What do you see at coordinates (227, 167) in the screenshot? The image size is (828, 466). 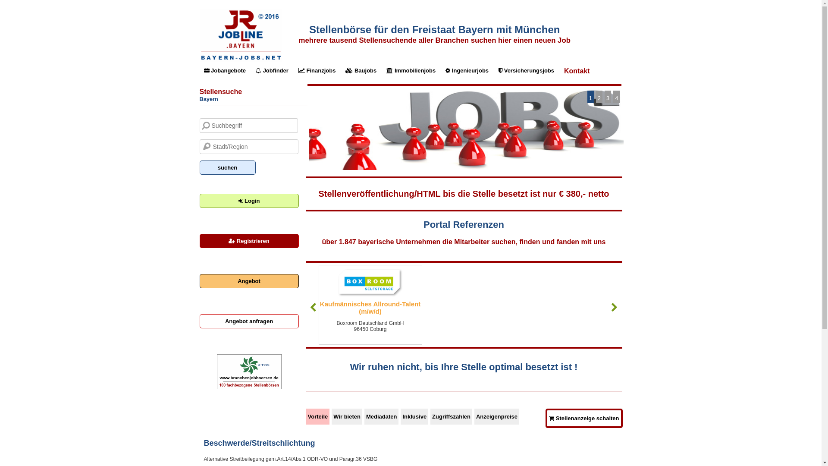 I see `'suchen'` at bounding box center [227, 167].